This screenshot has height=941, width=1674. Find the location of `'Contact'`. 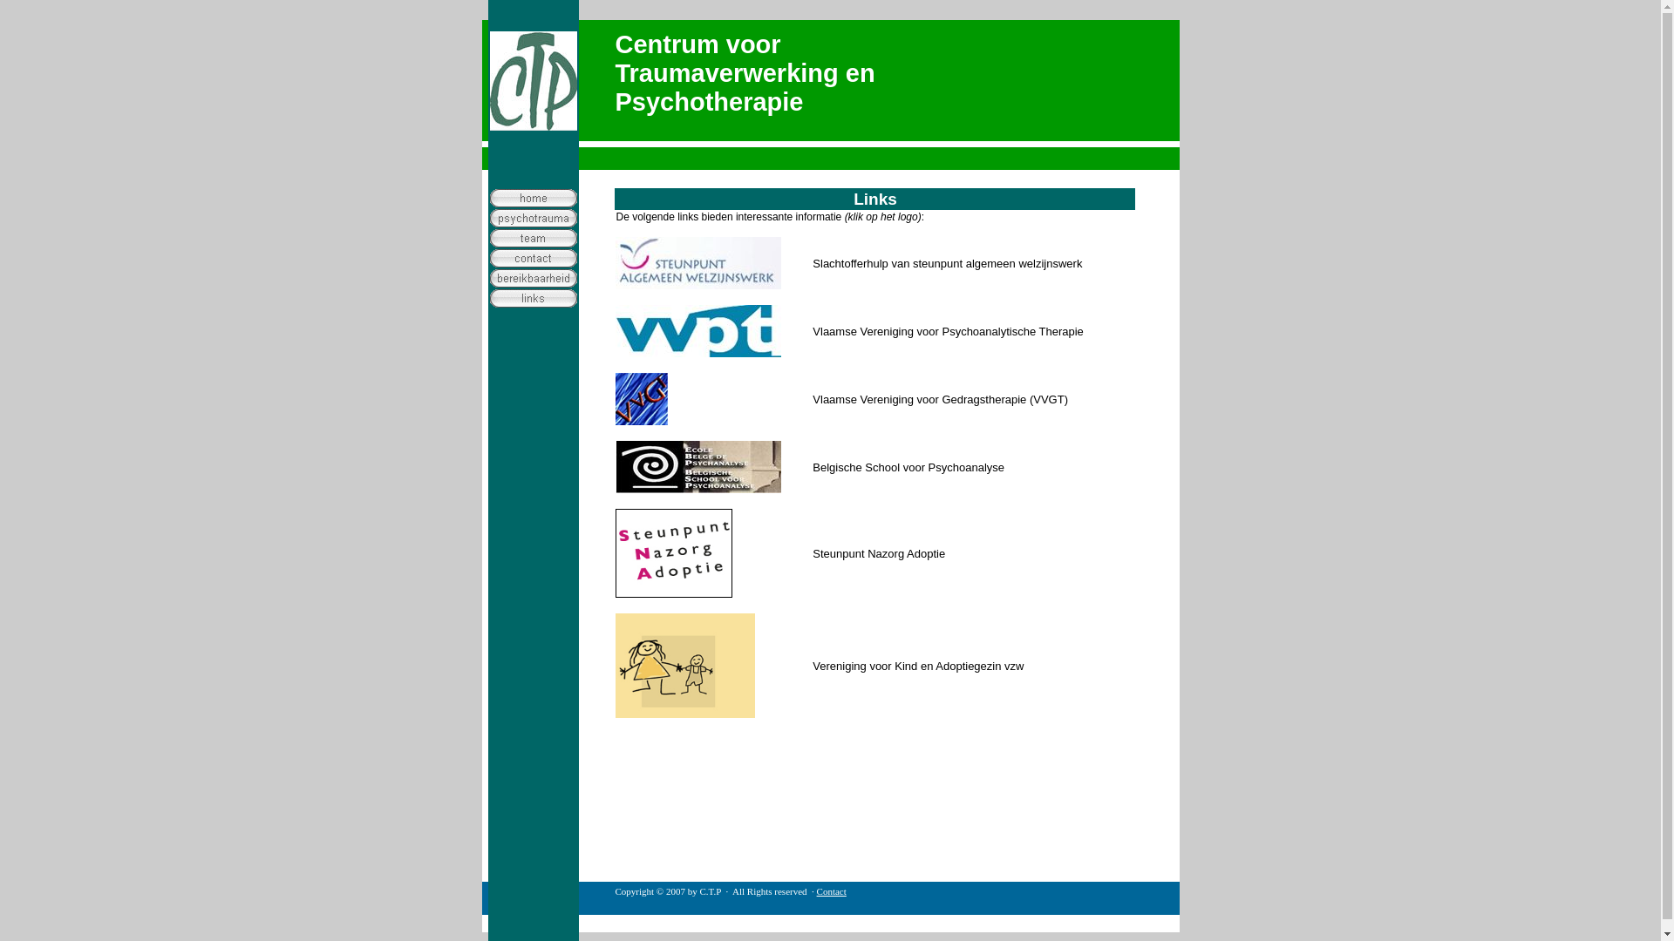

'Contact' is located at coordinates (831, 890).